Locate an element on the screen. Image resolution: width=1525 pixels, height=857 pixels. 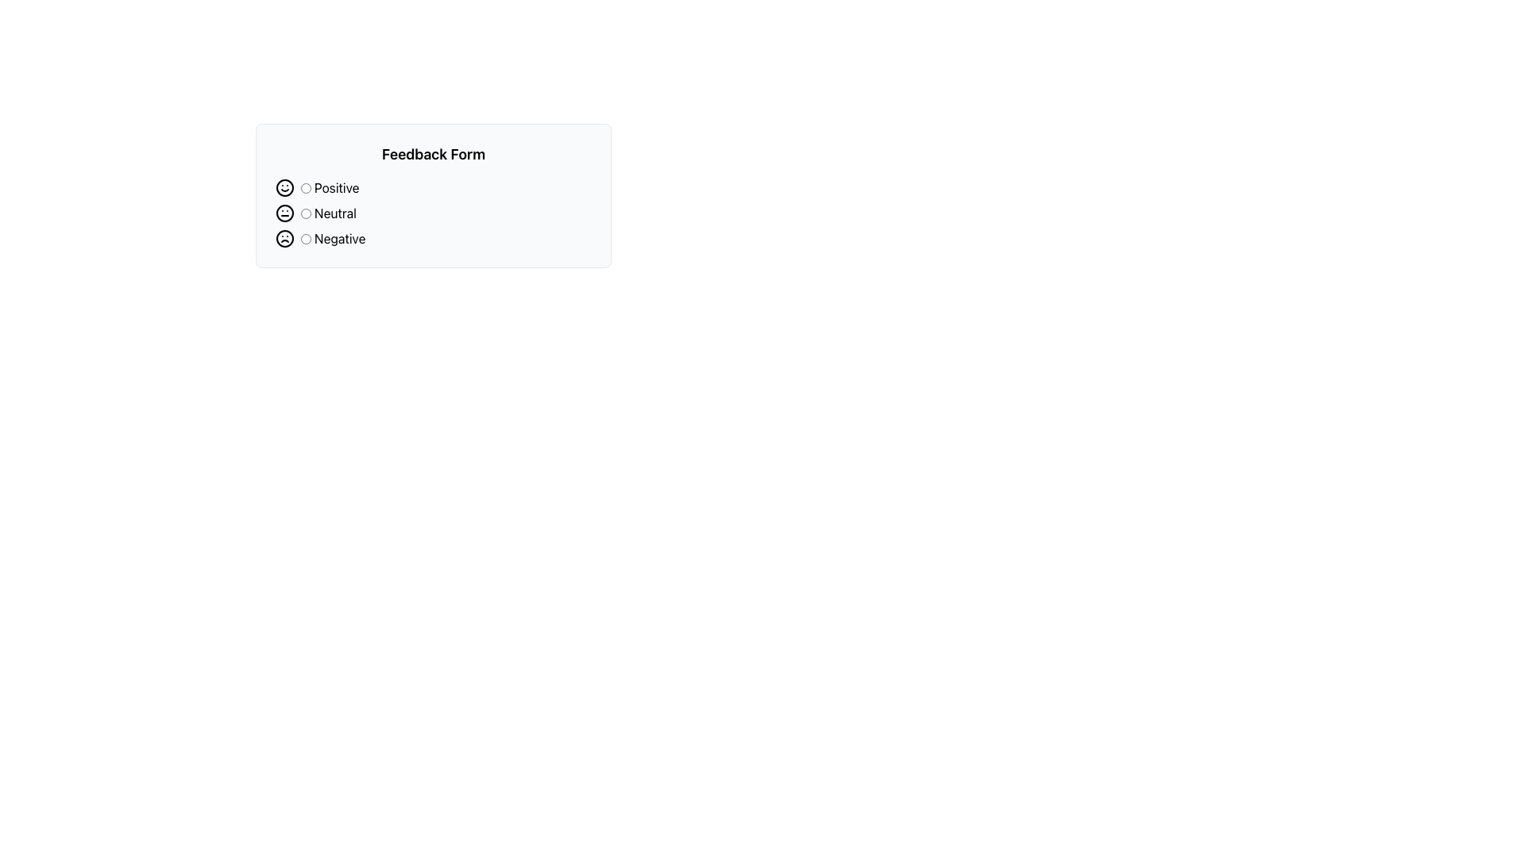
circular outline of the neutral face icon located in the middle row of feedback options for debugging purposes is located at coordinates (285, 213).